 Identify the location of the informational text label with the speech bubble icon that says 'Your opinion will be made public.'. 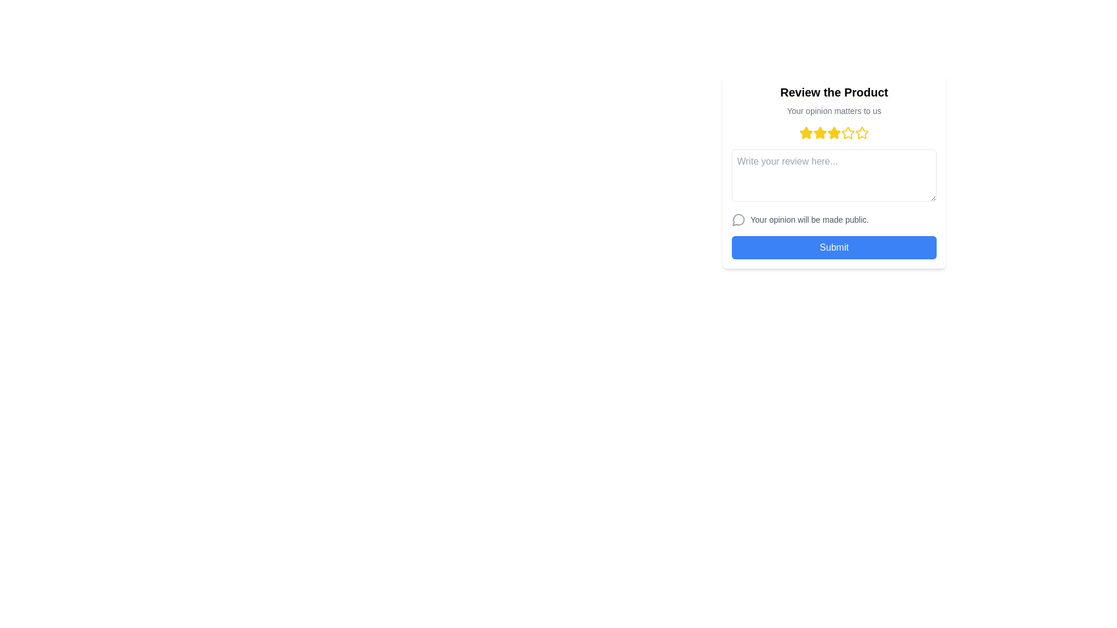
(834, 220).